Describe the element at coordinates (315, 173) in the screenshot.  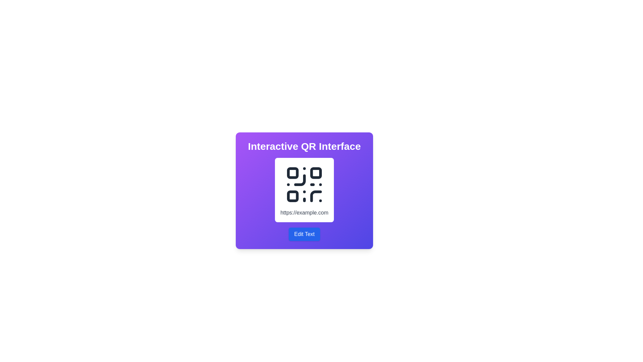
I see `the second square from the left on the top row of squares inside the QR code graphic` at that location.